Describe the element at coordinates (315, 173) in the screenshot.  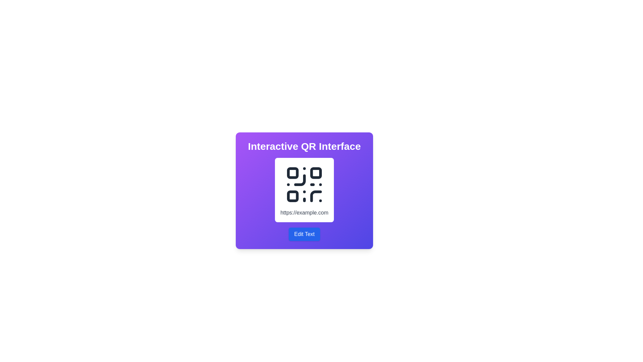
I see `the second square from the left on the top row of squares inside the QR code graphic` at that location.